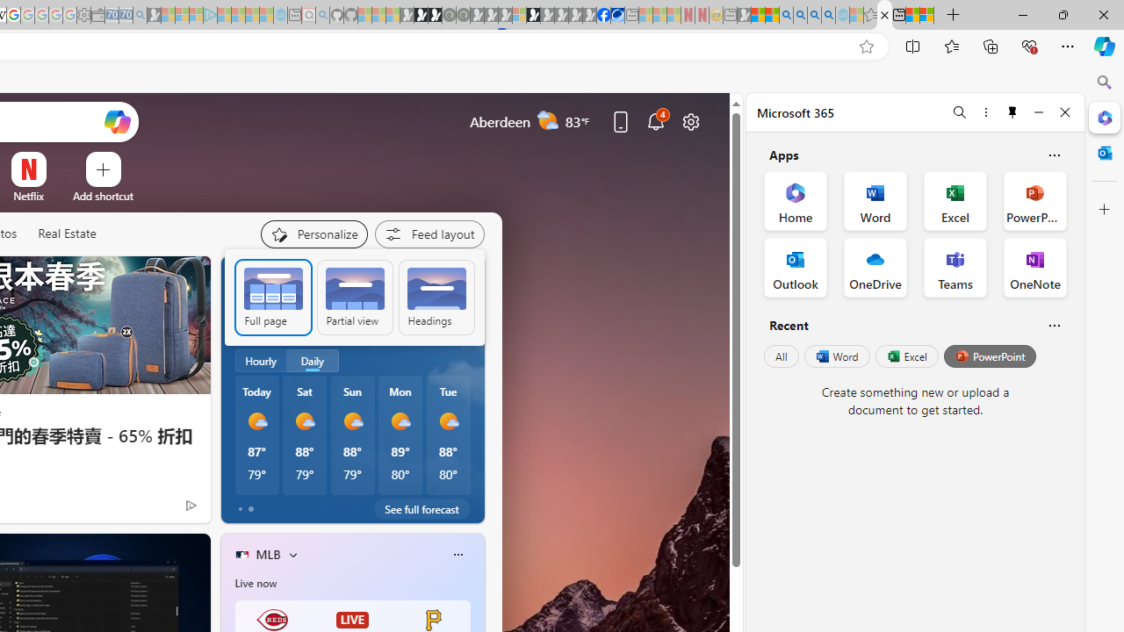 The height and width of the screenshot is (632, 1124). Describe the element at coordinates (1104, 209) in the screenshot. I see `'Close Customize pane'` at that location.